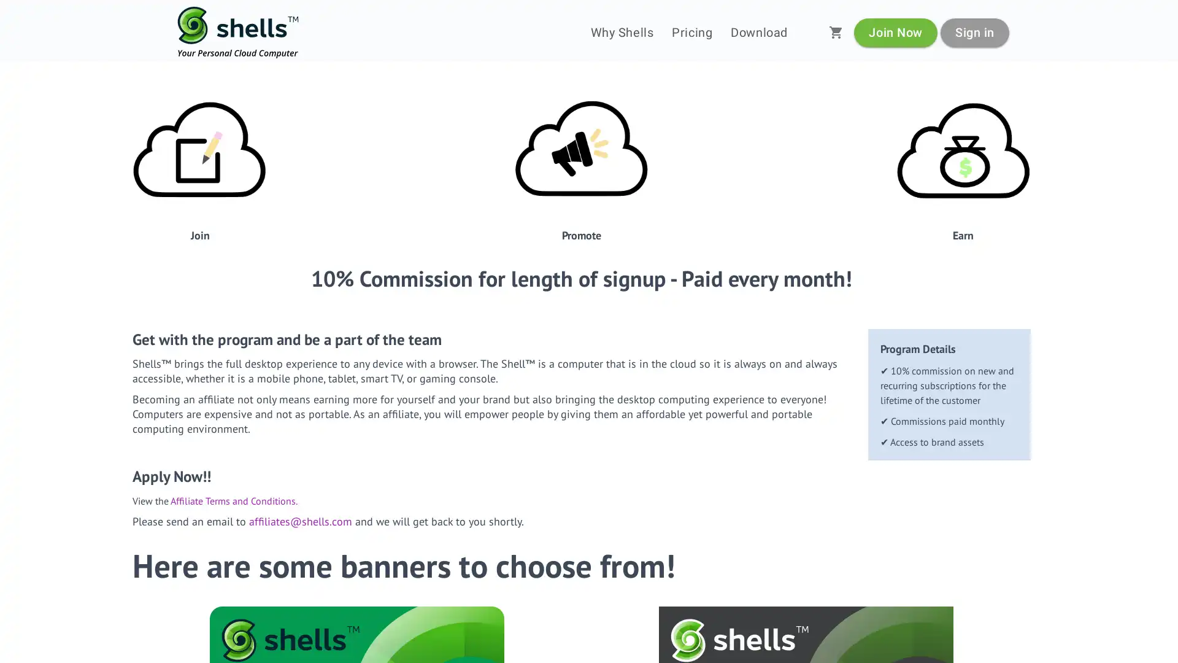 This screenshot has height=663, width=1178. I want to click on cart, so click(836, 32).